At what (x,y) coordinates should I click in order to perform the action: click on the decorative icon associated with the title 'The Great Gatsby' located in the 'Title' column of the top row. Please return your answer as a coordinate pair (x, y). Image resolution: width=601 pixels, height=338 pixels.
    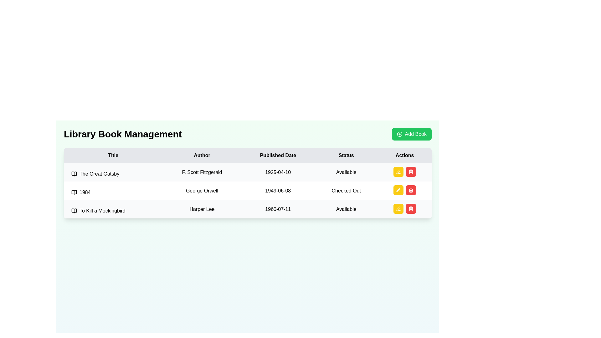
    Looking at the image, I should click on (74, 174).